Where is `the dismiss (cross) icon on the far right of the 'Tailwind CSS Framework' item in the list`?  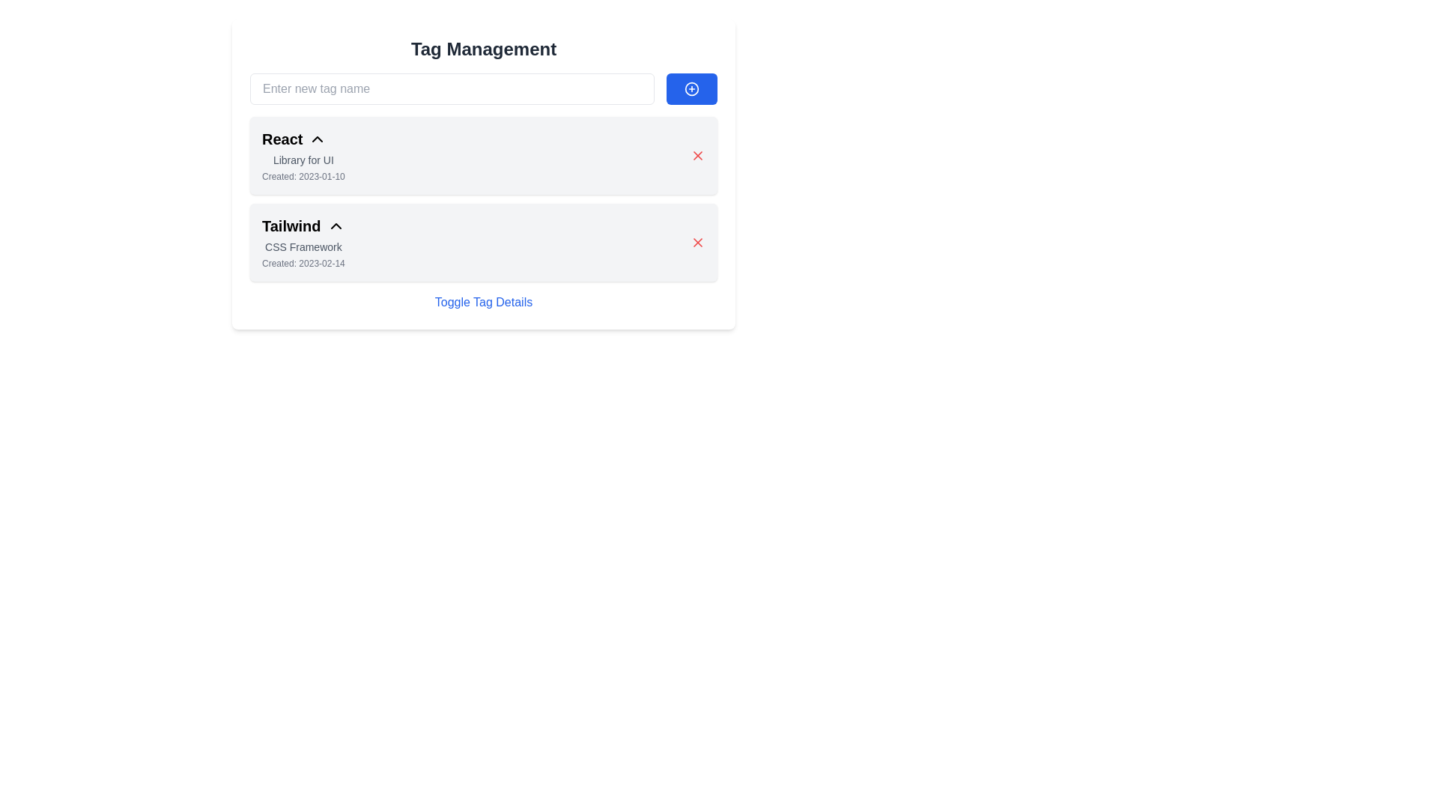 the dismiss (cross) icon on the far right of the 'Tailwind CSS Framework' item in the list is located at coordinates (697, 242).